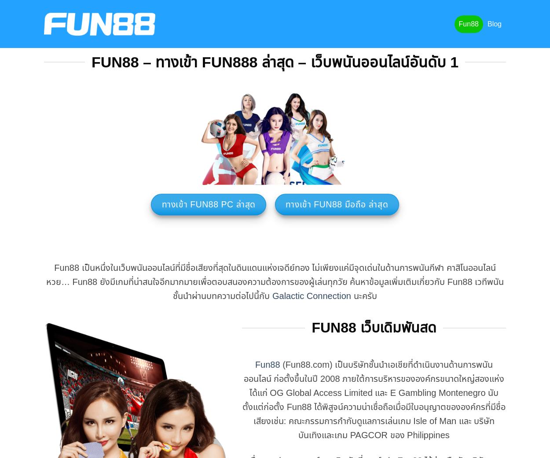  What do you see at coordinates (373, 392) in the screenshot?
I see `'(Fun88.com) เป็นบริษัทชั้นนำเอเชียที่ดำเนินงานด้านการพนันออนไลน์ ก่อตั้งขึ้นในปี 2008 ภายใต้การบริหารขององค์กรขนาดใหญ่สองแห่ง ได้แก่ OG Global Access Limited และ E Gambling Montenegro นับตั้งแต่ก่อตั้ง Fun88 ได้พิสูจน์ความน่าเชื่อถือเมื่อมีใบอนุญาตขององค์กรที่มีชื่อเสียงเช่น: คณะกรรมการกำกับดูแลการเล่นเกม'` at bounding box center [373, 392].